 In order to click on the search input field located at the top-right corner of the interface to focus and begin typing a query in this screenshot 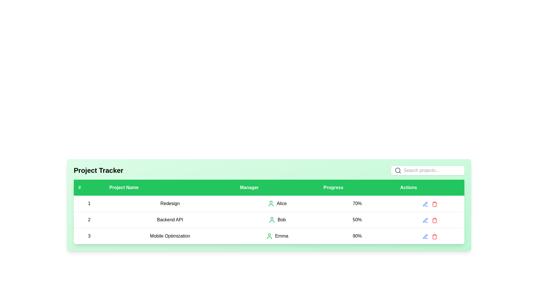, I will do `click(432, 170)`.